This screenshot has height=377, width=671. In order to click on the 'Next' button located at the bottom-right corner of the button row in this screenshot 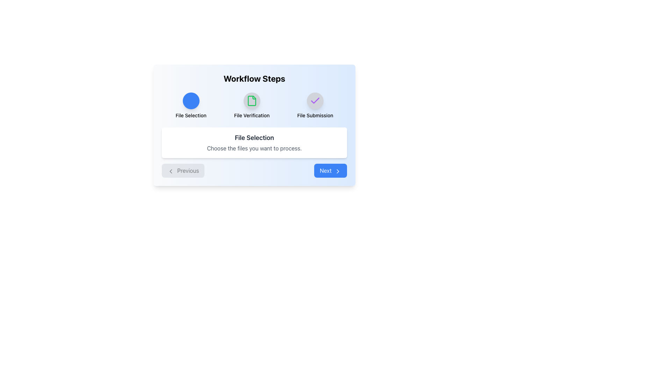, I will do `click(330, 171)`.